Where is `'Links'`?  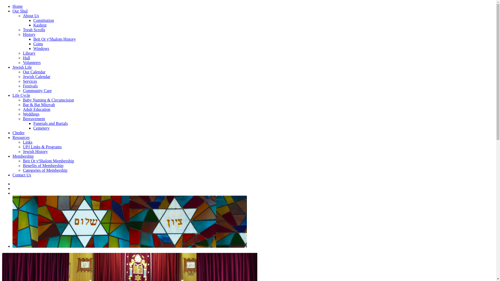
'Links' is located at coordinates (27, 142).